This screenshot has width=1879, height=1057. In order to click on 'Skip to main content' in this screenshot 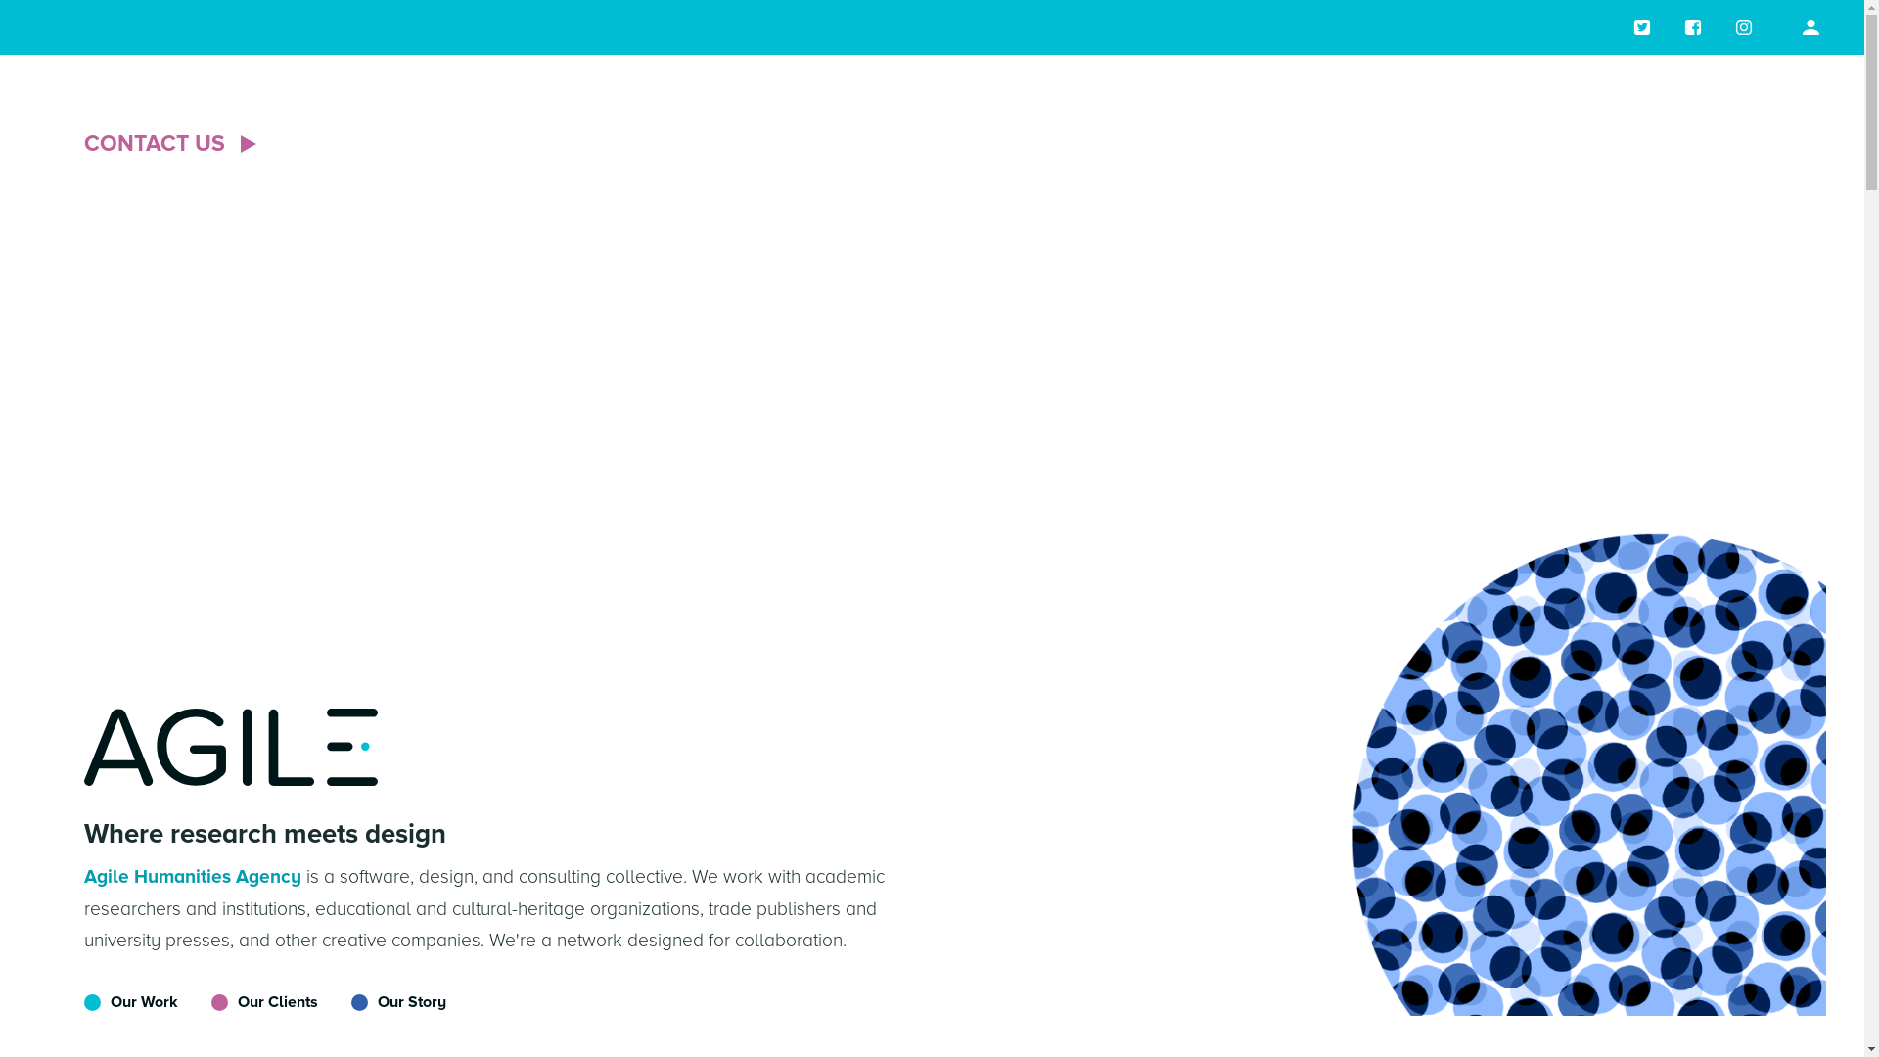, I will do `click(0, 0)`.